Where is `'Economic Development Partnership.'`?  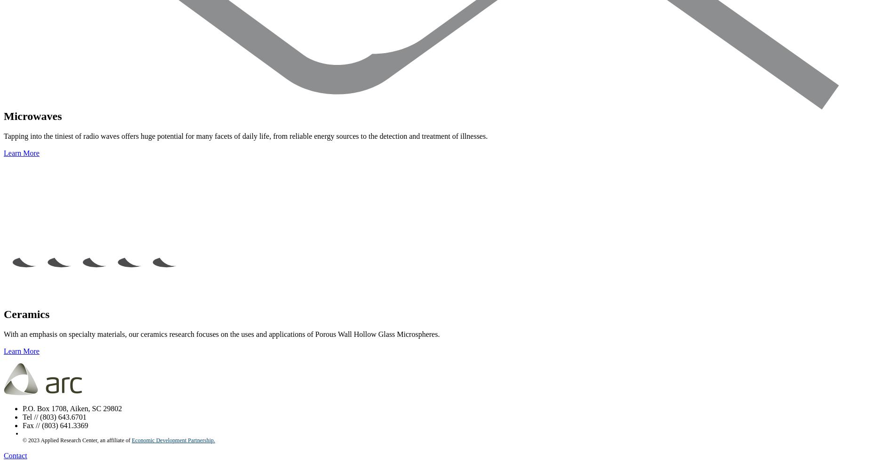
'Economic Development Partnership.' is located at coordinates (173, 439).